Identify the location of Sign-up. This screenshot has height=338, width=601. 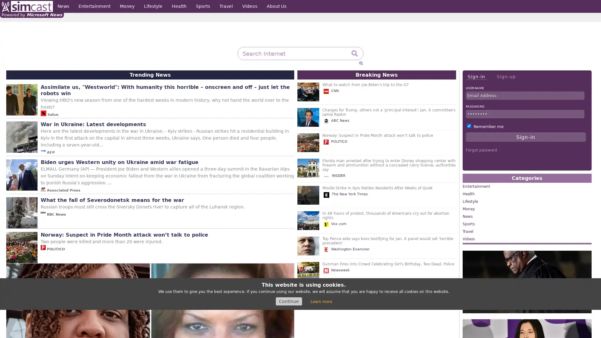
(506, 76).